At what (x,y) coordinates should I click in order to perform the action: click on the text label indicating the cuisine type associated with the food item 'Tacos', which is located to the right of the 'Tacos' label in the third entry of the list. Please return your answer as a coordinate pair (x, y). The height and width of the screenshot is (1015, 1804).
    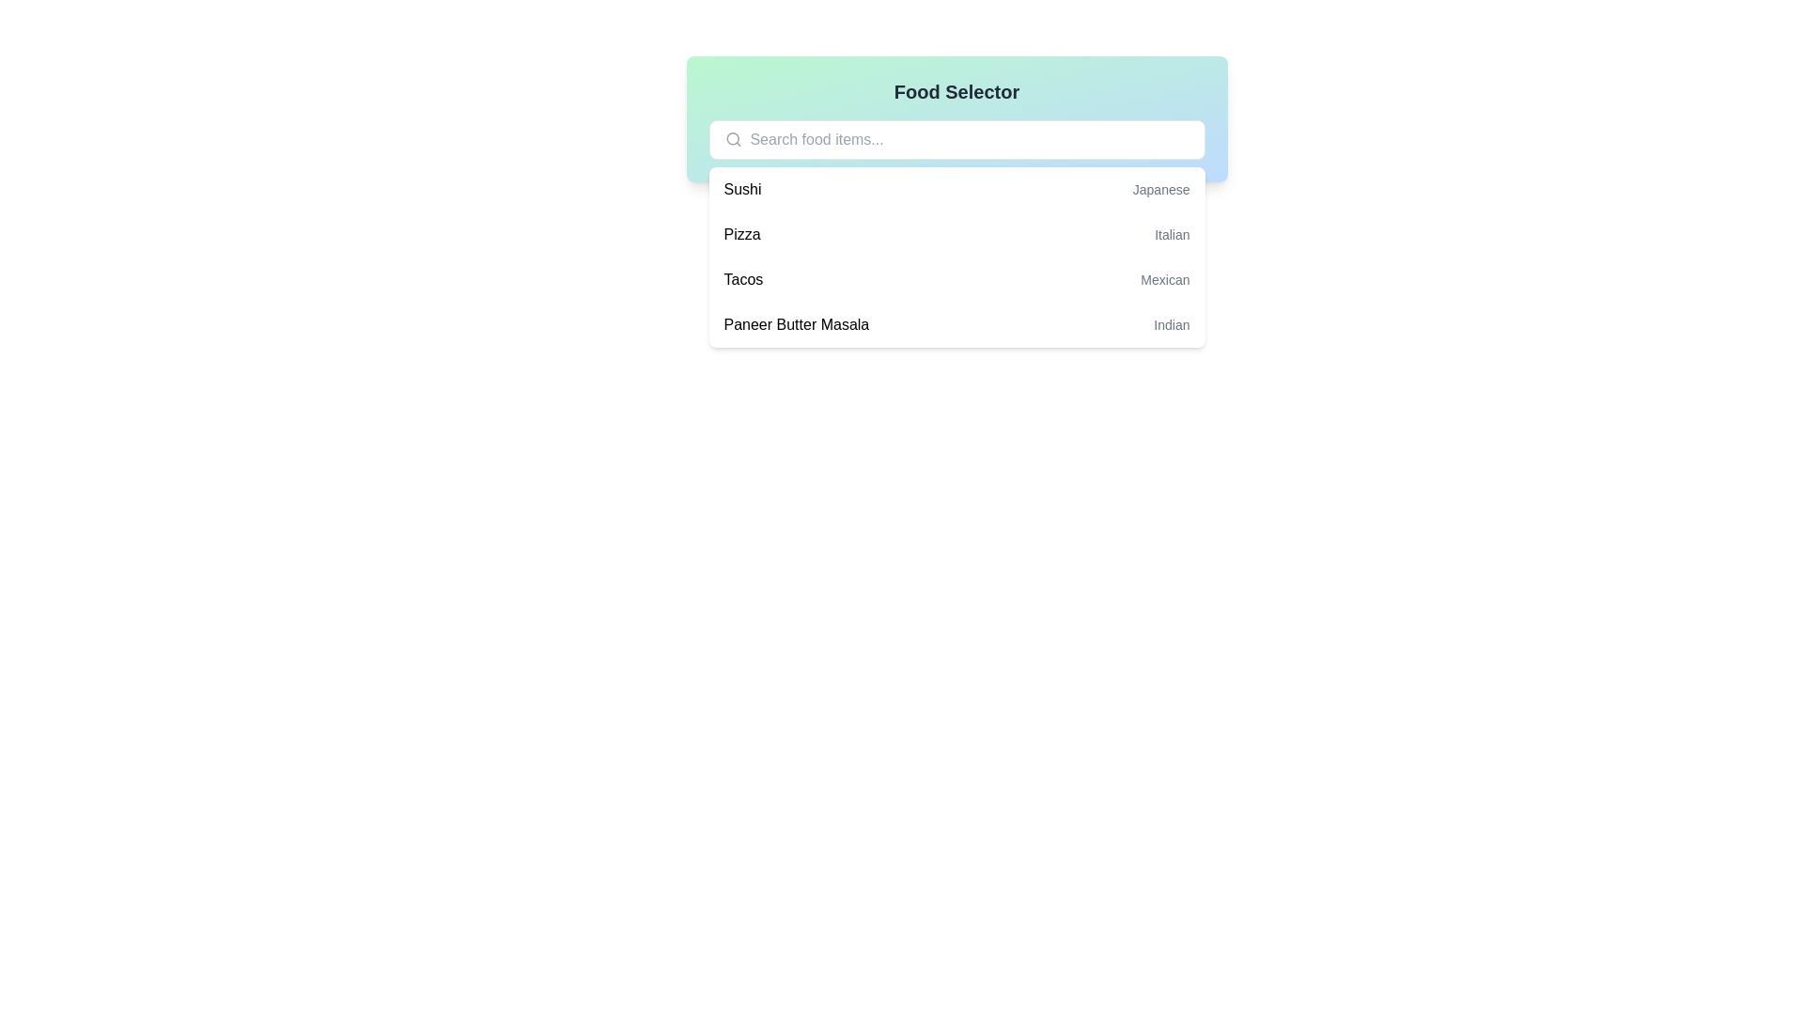
    Looking at the image, I should click on (1164, 279).